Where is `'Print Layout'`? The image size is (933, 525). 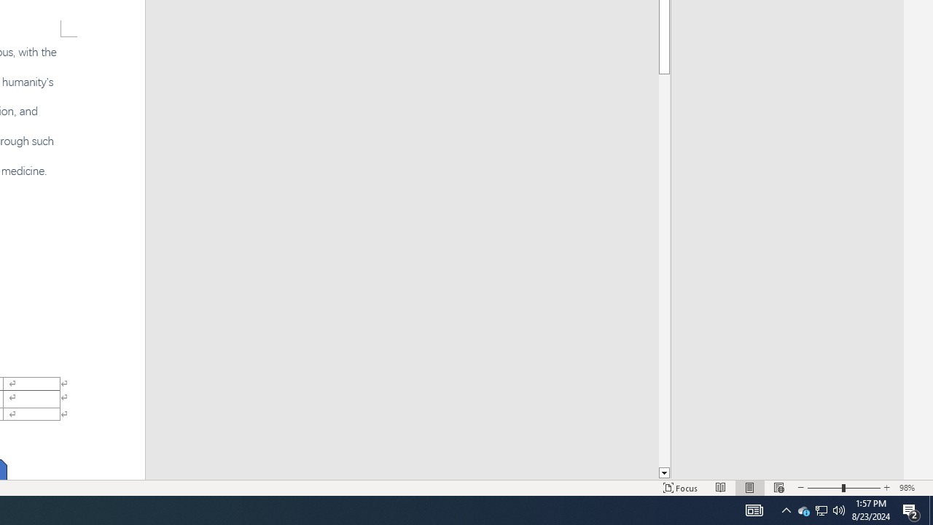 'Print Layout' is located at coordinates (750, 488).